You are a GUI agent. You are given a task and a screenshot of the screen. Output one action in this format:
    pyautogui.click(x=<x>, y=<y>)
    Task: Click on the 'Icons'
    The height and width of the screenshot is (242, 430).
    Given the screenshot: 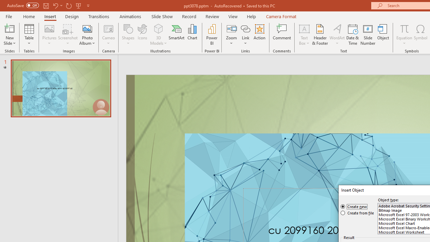 What is the action you would take?
    pyautogui.click(x=142, y=35)
    